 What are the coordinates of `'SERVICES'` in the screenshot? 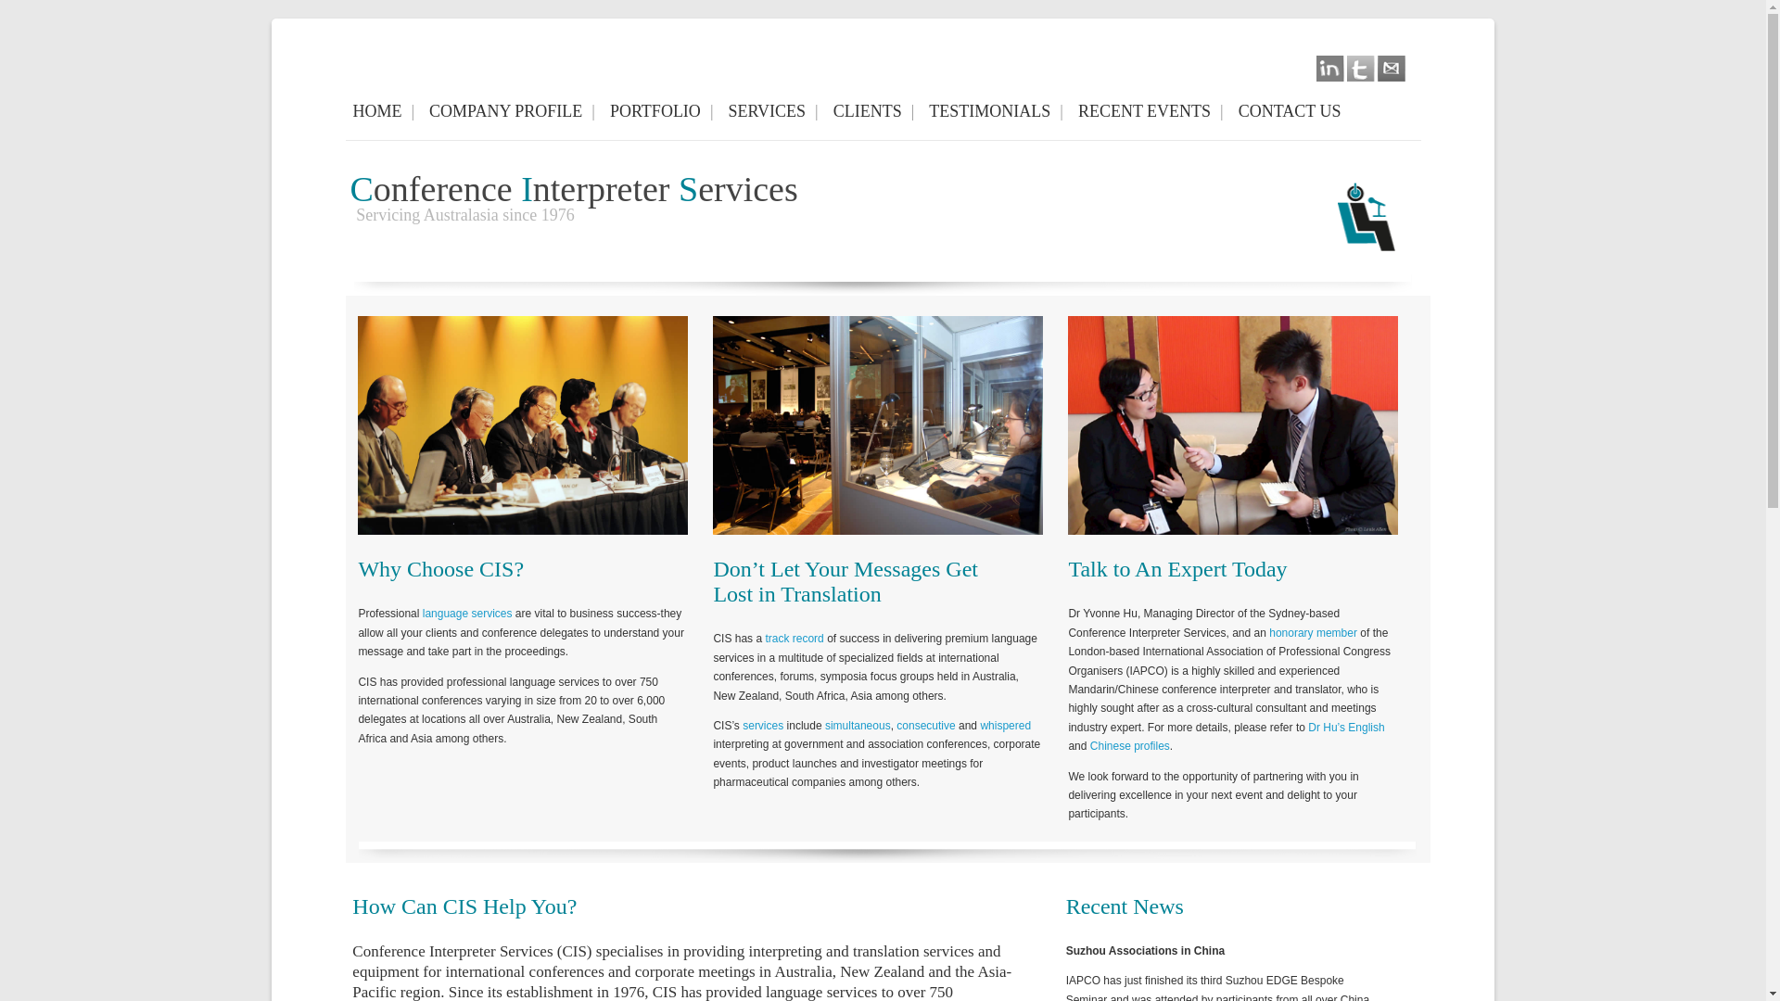 It's located at (772, 111).